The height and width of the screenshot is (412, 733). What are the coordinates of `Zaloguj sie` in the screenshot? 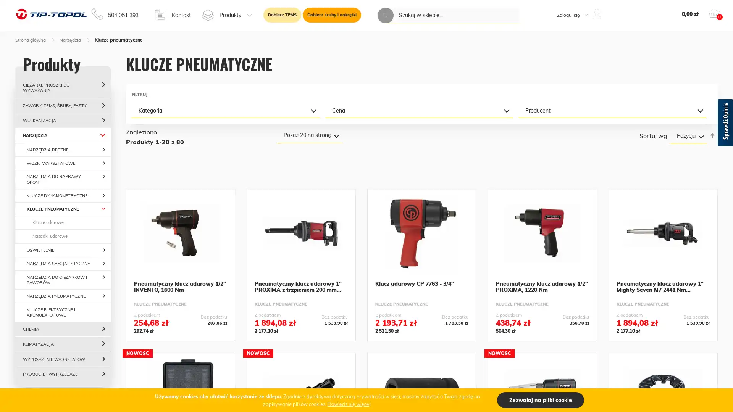 It's located at (565, 98).